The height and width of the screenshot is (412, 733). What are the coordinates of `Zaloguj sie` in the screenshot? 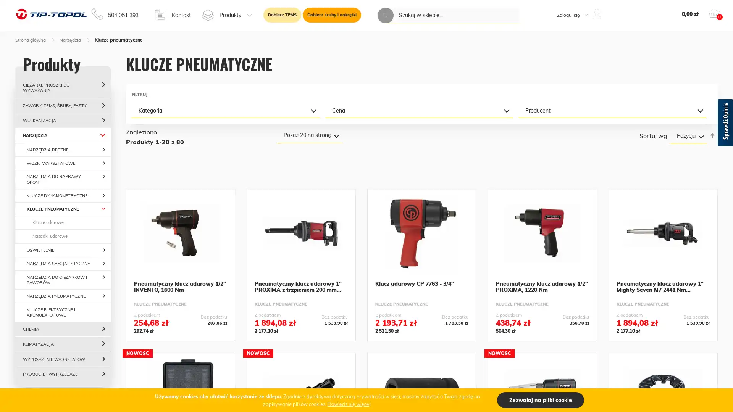 It's located at (565, 98).